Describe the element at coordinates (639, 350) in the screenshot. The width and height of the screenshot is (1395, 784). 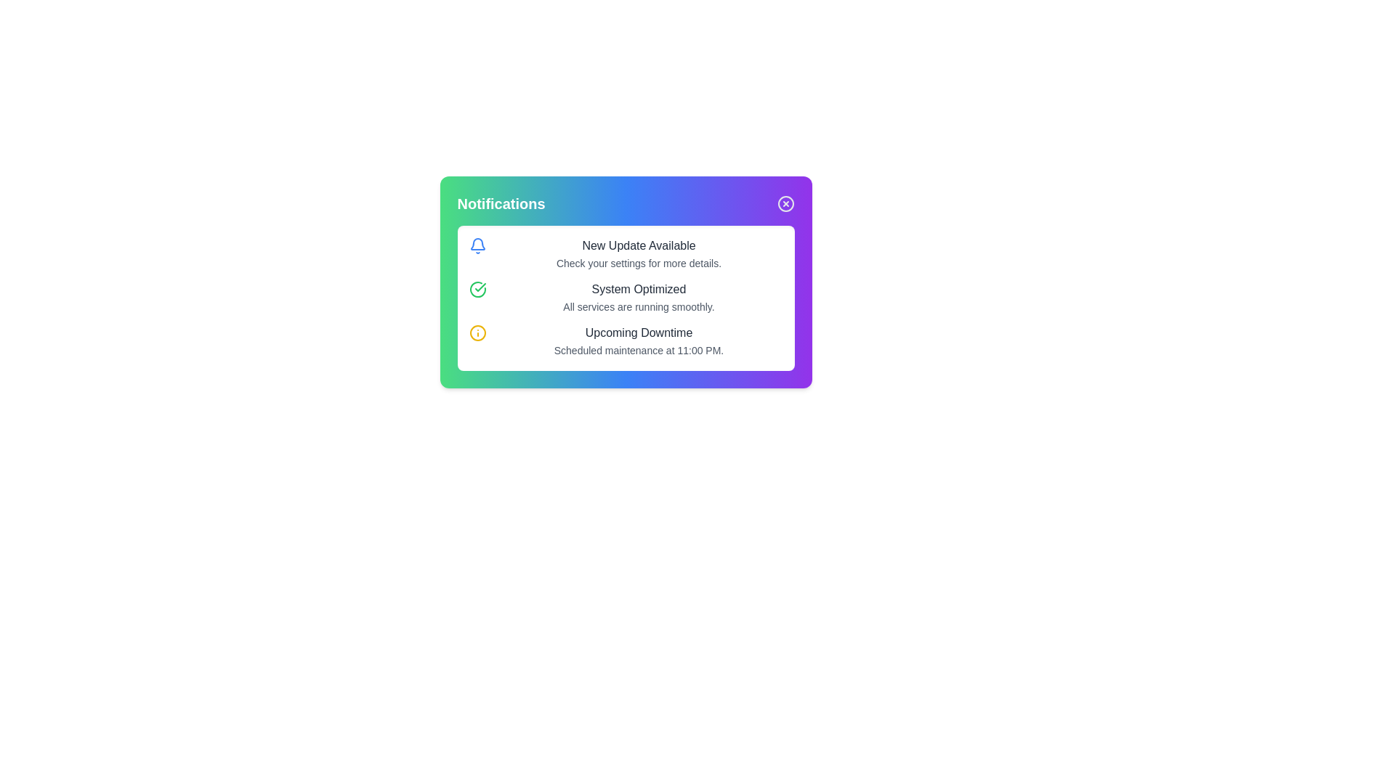
I see `the Text label that provides additional information about the scheduled maintenance event, located below the heading 'Upcoming Downtime' in the right section of the pop-up notification card` at that location.